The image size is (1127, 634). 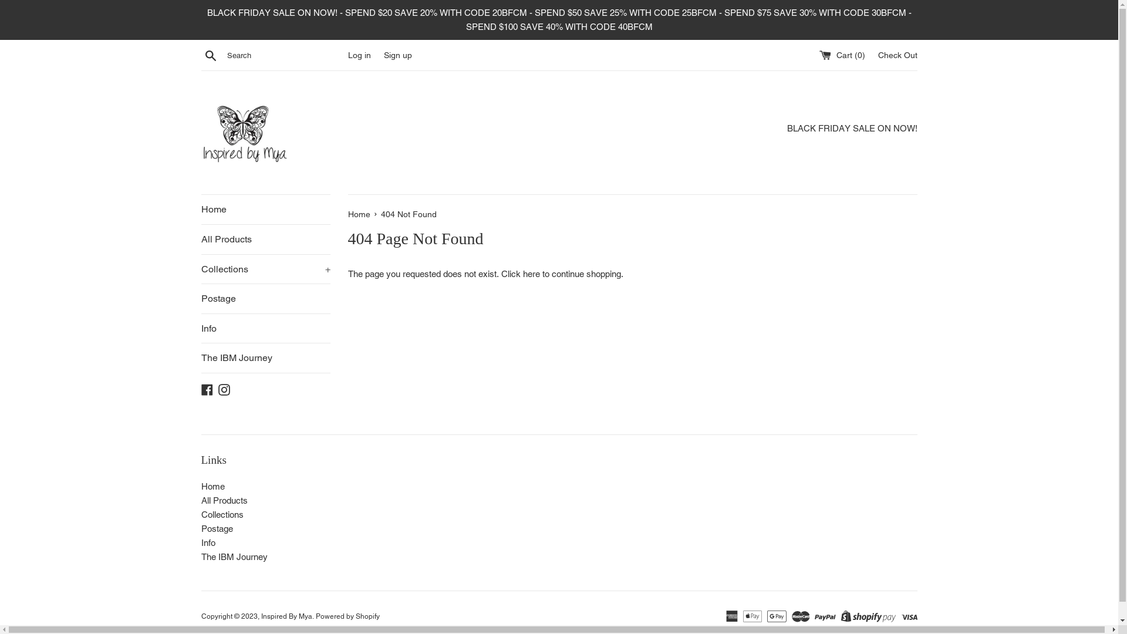 I want to click on 'Collections, so click(x=200, y=269).